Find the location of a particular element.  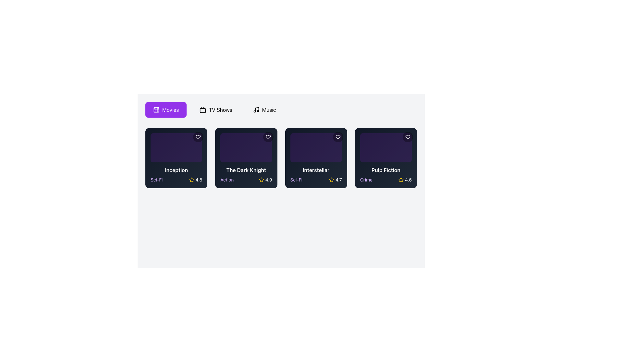

the SVG musical note icon located inside the rounded button labeled 'Music' to interact with the button is located at coordinates (256, 110).